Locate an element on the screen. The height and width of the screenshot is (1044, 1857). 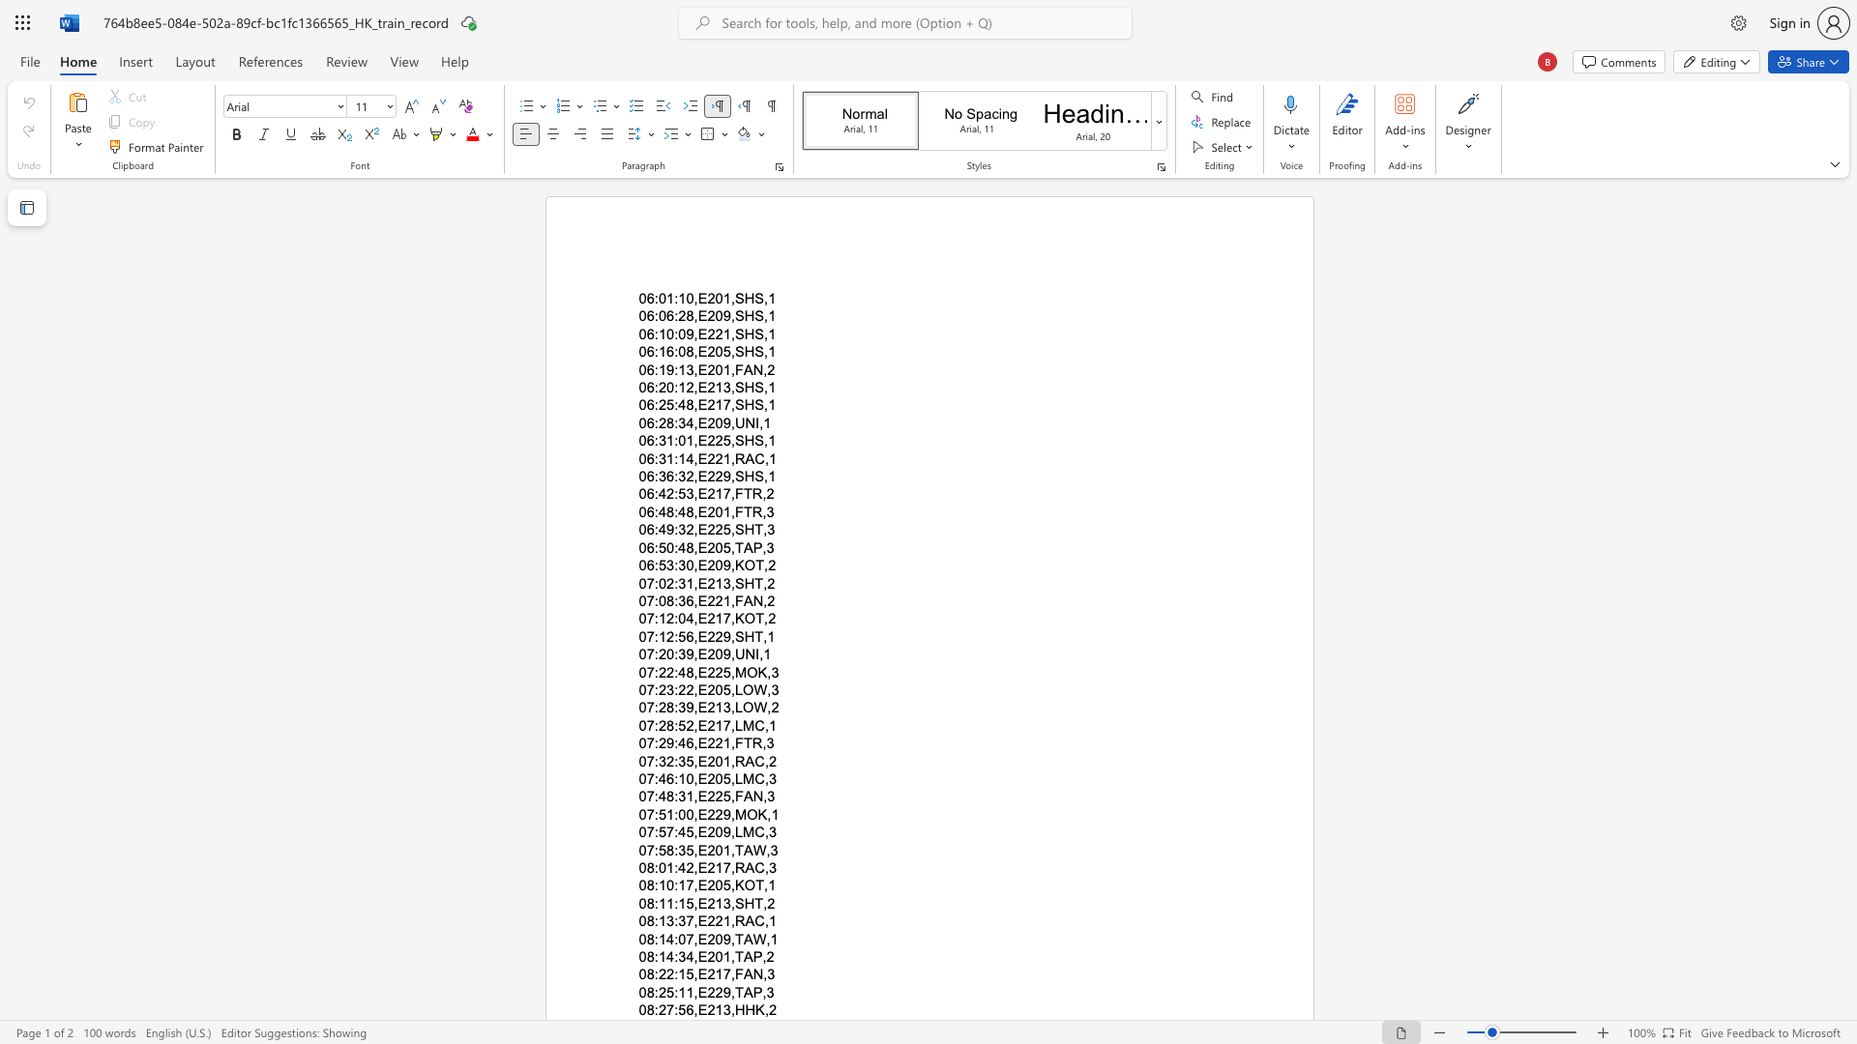
the space between the continuous character "," and "E" in the text is located at coordinates (698, 619).